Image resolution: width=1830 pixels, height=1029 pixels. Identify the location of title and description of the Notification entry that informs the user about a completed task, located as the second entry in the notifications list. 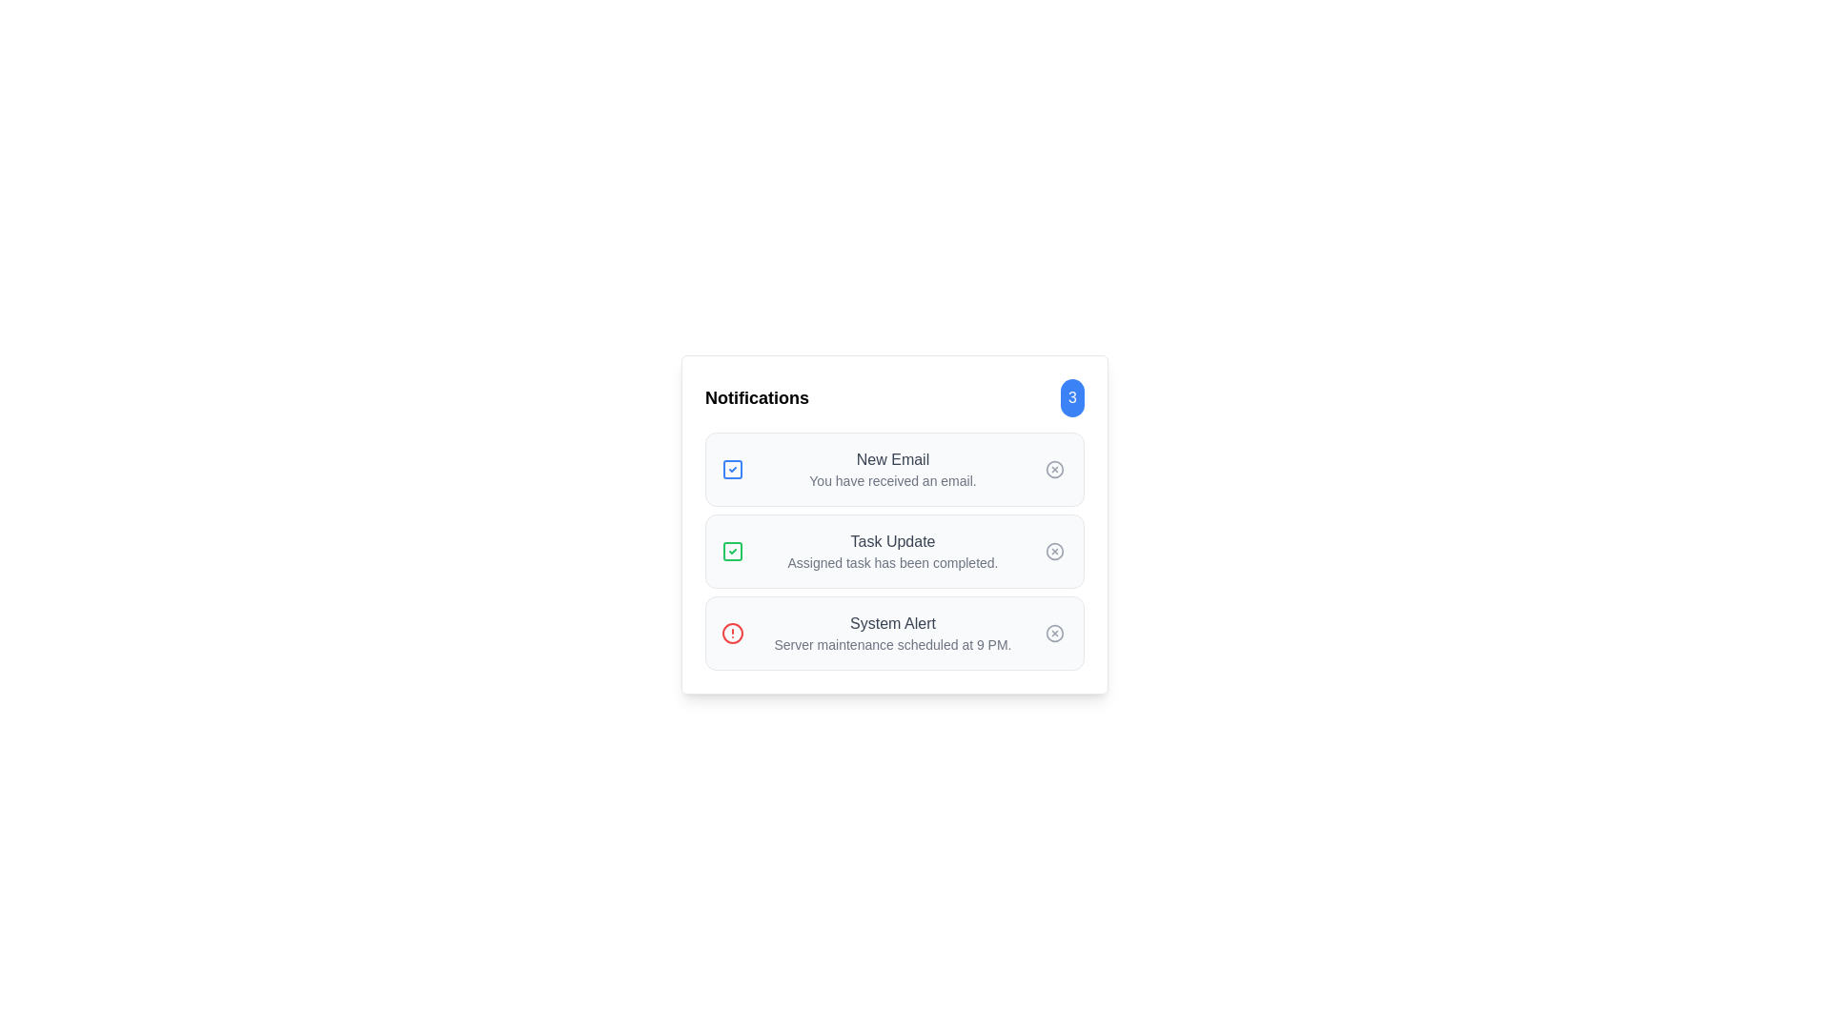
(894, 551).